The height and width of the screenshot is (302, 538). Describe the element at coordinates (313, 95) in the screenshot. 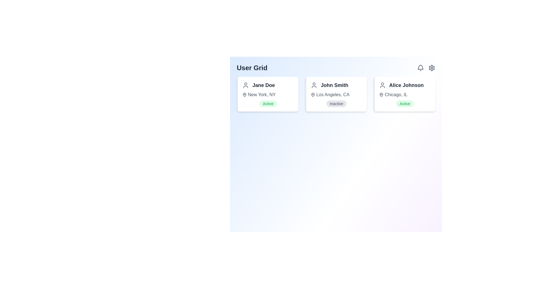

I see `the map pin icon located within the second user card, positioned left of the text 'Los Angeles, CA'` at that location.